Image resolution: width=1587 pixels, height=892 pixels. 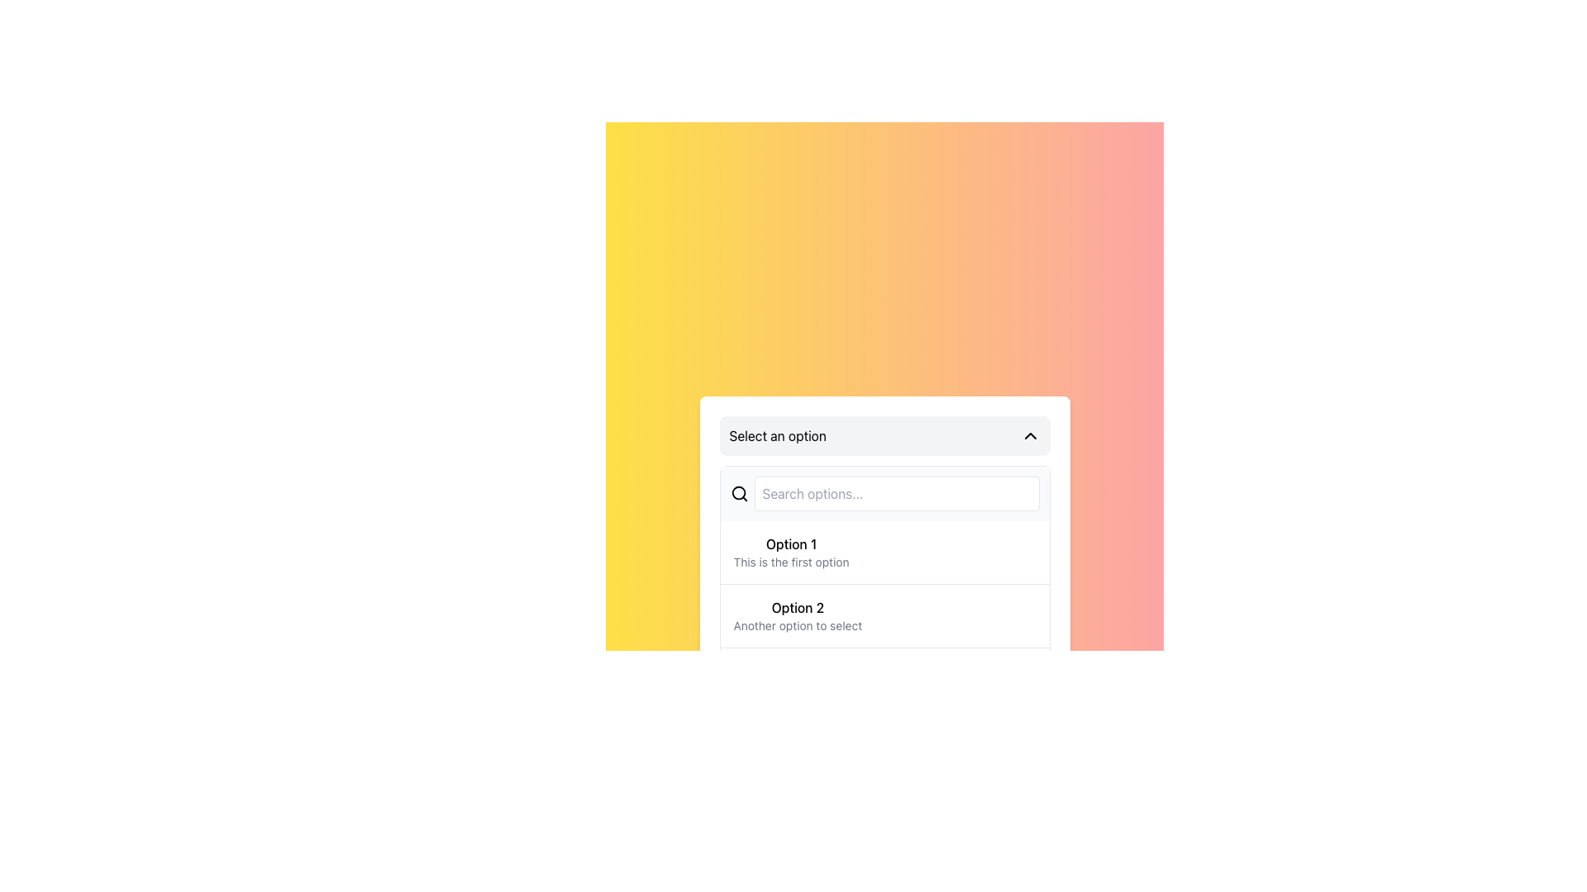 I want to click on description provided by the Text Label located beneath 'Option 1' in the dropdown menu, so click(x=790, y=562).